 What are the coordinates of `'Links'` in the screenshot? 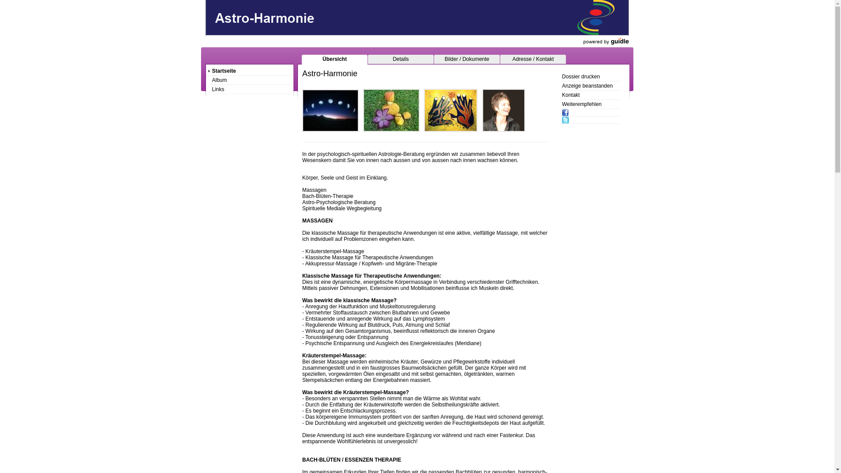 It's located at (249, 89).